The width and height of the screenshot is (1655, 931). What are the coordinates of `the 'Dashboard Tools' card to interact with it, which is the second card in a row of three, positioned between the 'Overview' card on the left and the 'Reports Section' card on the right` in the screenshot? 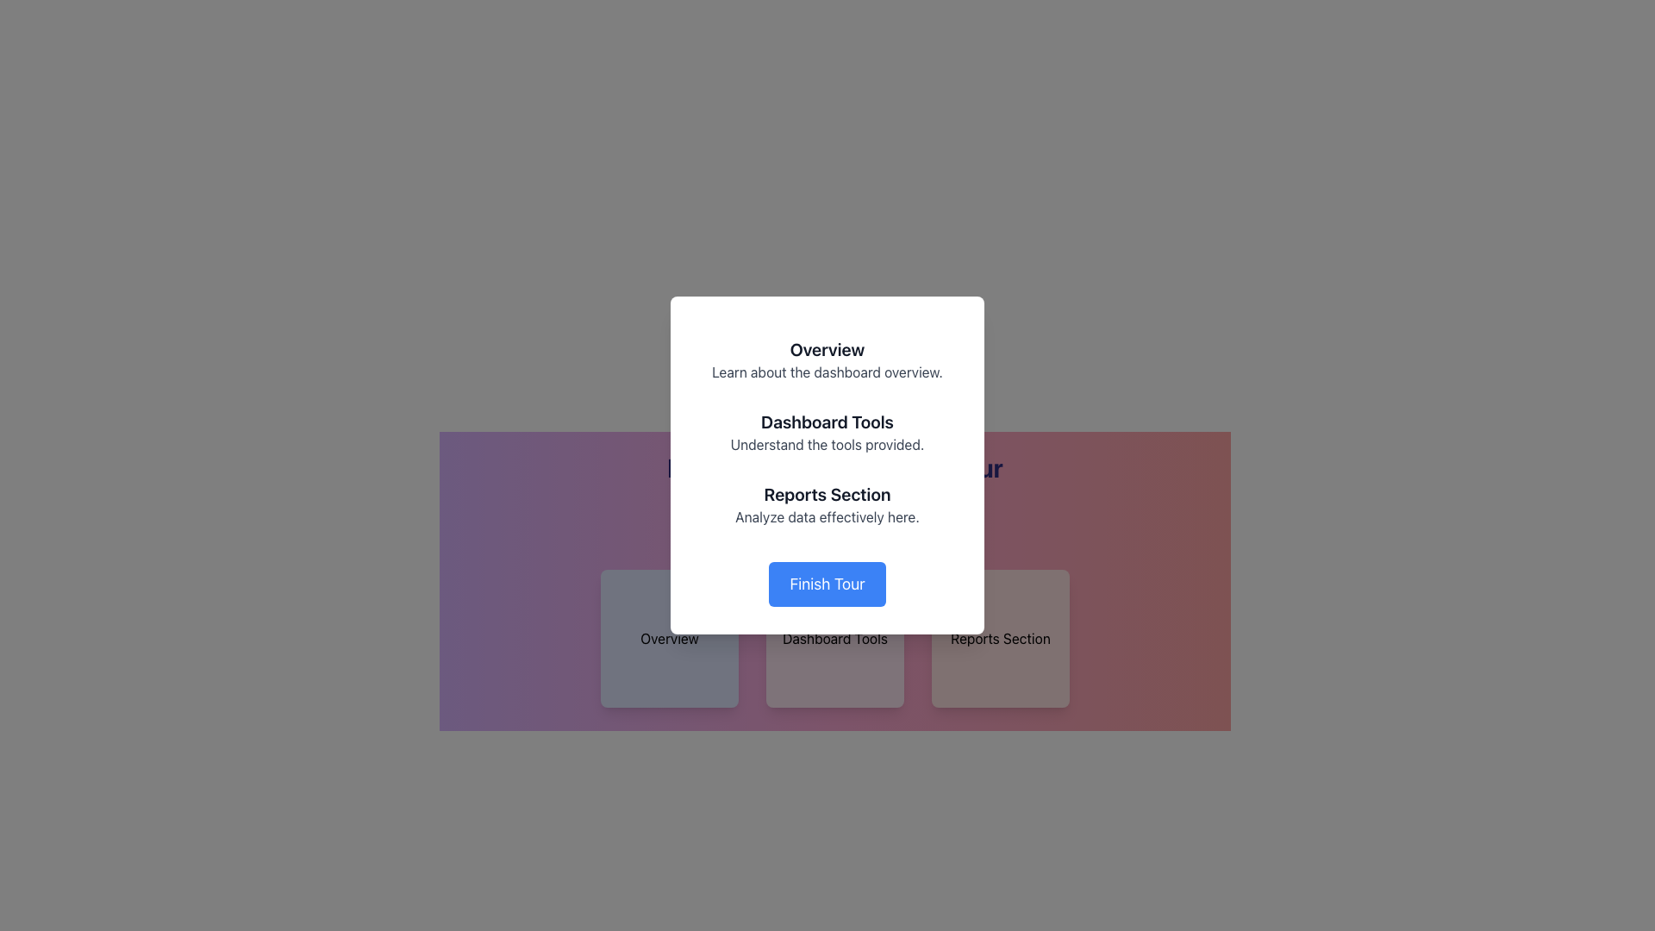 It's located at (835, 638).